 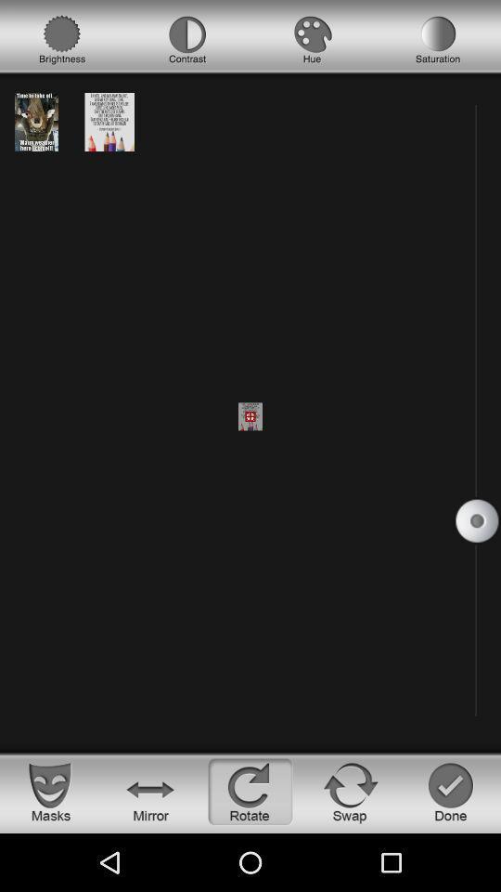 What do you see at coordinates (62, 39) in the screenshot?
I see `access brightness settings` at bounding box center [62, 39].